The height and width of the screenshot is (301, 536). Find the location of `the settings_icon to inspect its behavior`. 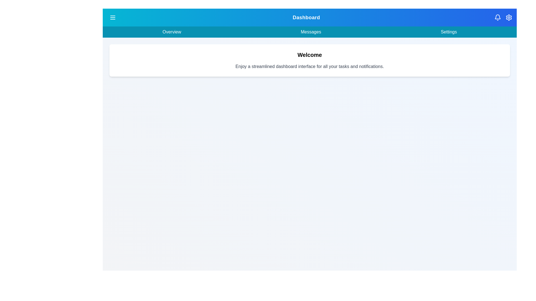

the settings_icon to inspect its behavior is located at coordinates (509, 17).